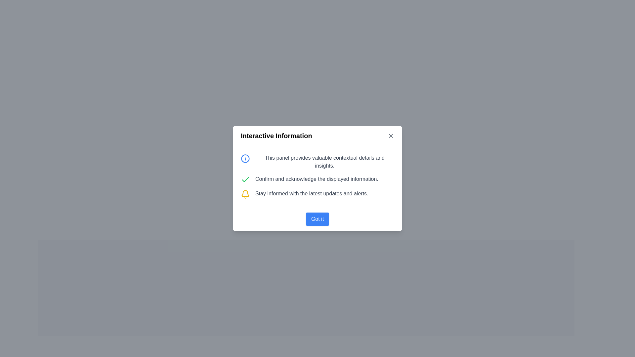 Image resolution: width=635 pixels, height=357 pixels. I want to click on the green checkmark icon that is the leftmost in the second row, positioned before the text 'Confirm and acknowledge the displayed information.', so click(245, 179).